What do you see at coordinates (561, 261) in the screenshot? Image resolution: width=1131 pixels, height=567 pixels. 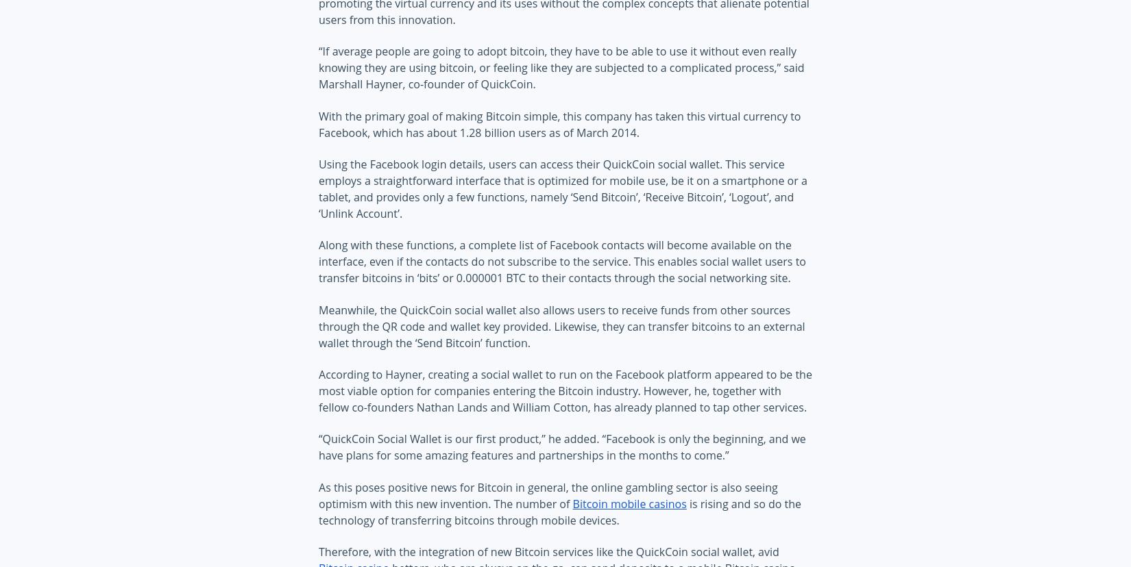 I see `'Along with these functions, a complete list of Facebook contacts will become available on the interface, even if the contacts do not subscribe to the service. This enables social wallet users to transfer bitcoins in ‘bits’ or 0.000001 BTC to their contacts through the social networking site.'` at bounding box center [561, 261].